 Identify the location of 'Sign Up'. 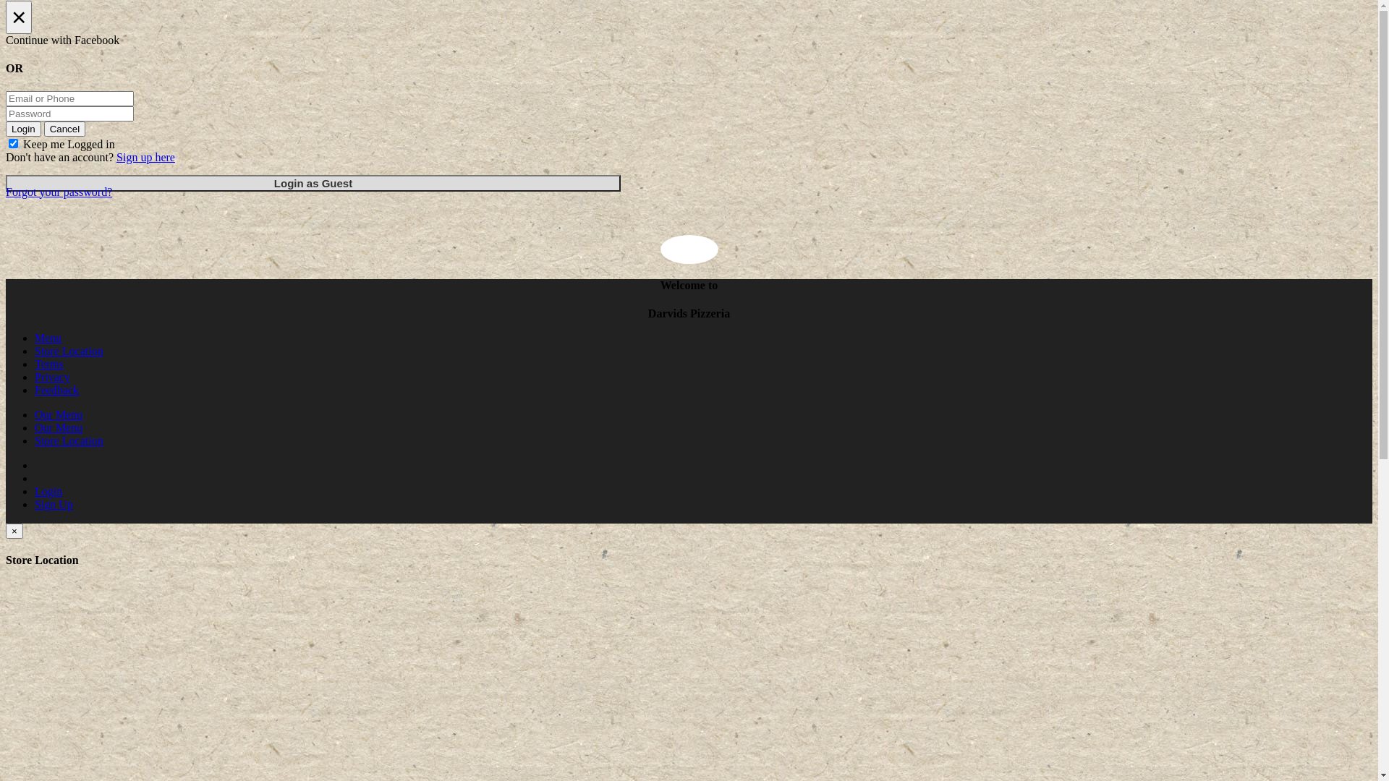
(54, 503).